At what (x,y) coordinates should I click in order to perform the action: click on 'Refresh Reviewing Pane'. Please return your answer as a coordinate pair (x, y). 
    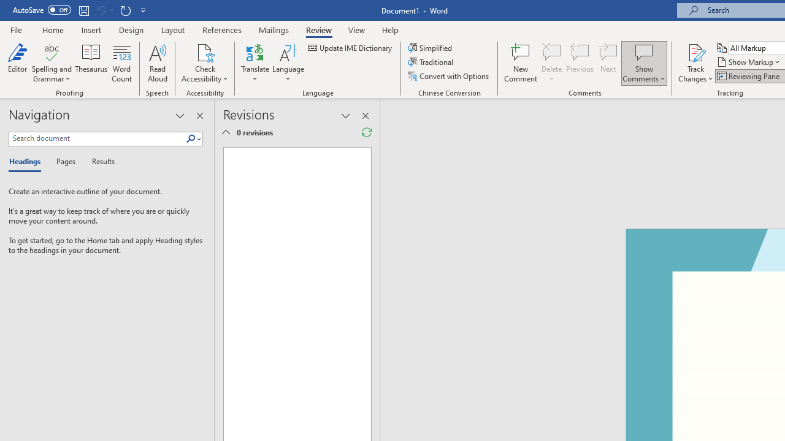
    Looking at the image, I should click on (366, 132).